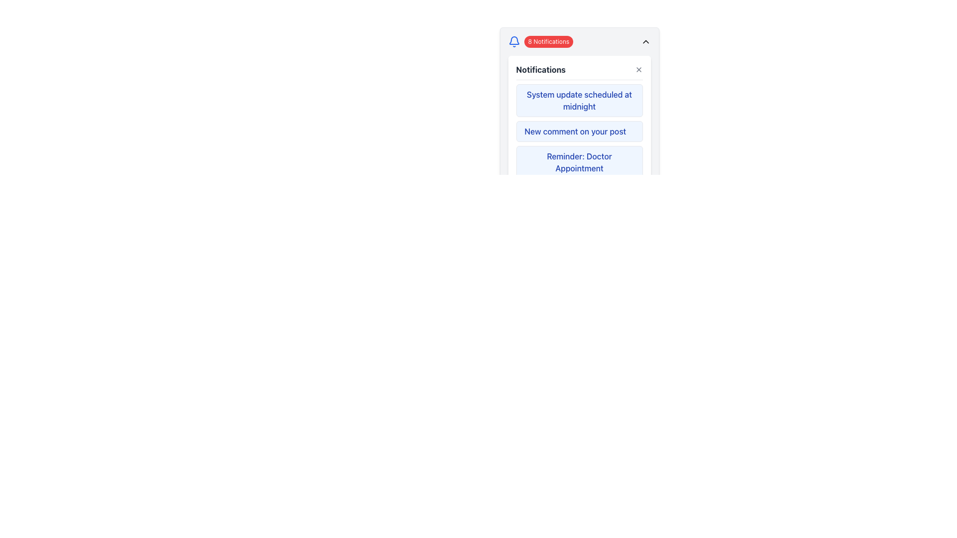 Image resolution: width=957 pixels, height=538 pixels. What do you see at coordinates (548, 41) in the screenshot?
I see `the Notification Badge located to the right of the blue notification bell icon in the upper region of the interface` at bounding box center [548, 41].